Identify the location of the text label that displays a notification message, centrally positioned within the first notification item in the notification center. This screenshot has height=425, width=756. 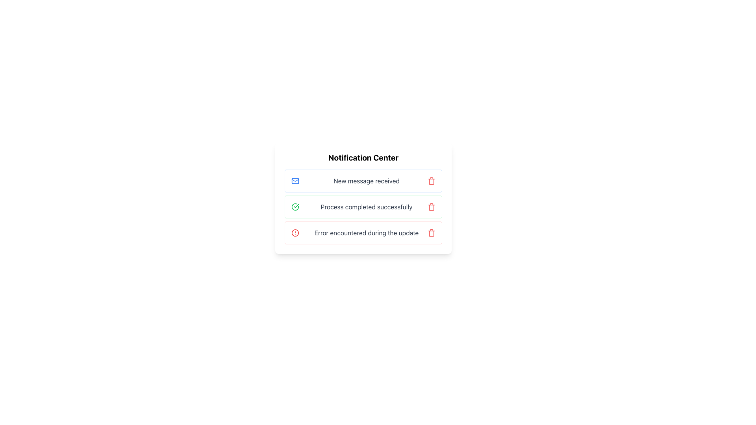
(366, 181).